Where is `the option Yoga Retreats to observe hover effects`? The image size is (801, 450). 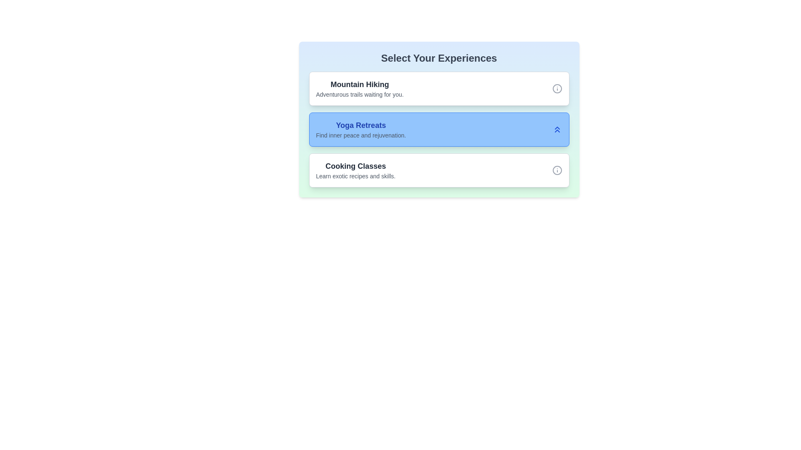
the option Yoga Retreats to observe hover effects is located at coordinates (438, 130).